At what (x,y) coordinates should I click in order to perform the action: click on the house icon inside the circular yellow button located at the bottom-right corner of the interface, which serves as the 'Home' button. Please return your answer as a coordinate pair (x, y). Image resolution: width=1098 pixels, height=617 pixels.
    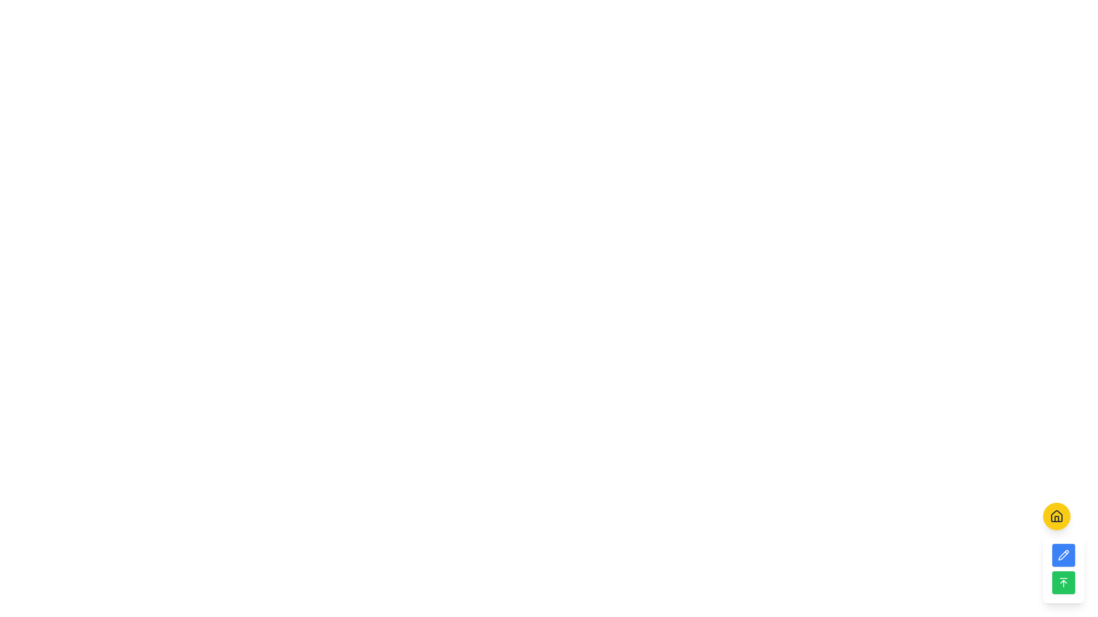
    Looking at the image, I should click on (1056, 516).